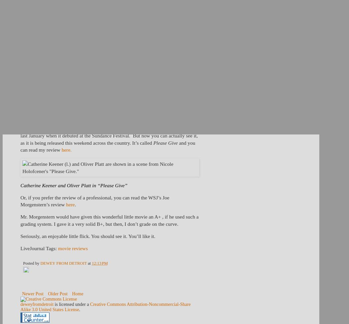 The width and height of the screenshot is (349, 324). I want to click on 'Come for the Politics, Stay for the Pathologies', so click(160, 63).